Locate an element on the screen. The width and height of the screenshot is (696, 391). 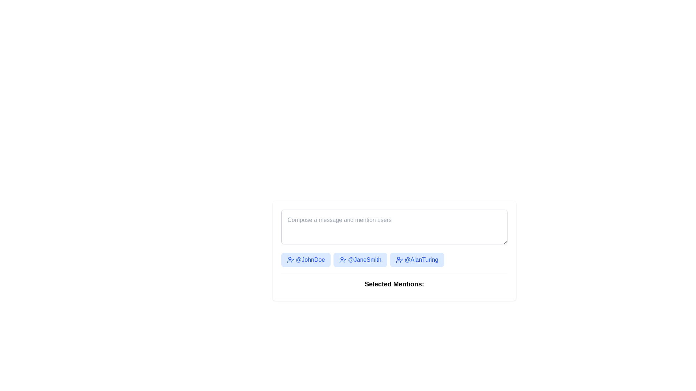
the button labeled '@AlanTuring' with a user icon and checkmark is located at coordinates (417, 259).